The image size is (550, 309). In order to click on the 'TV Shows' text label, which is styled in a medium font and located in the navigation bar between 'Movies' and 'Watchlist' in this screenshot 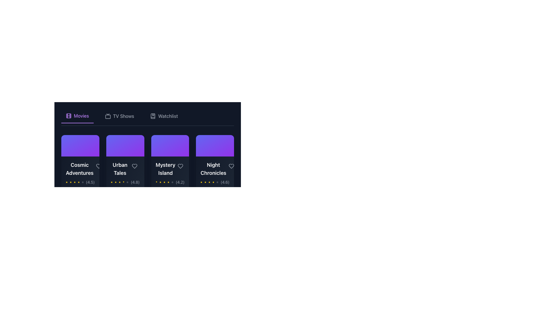, I will do `click(123, 116)`.